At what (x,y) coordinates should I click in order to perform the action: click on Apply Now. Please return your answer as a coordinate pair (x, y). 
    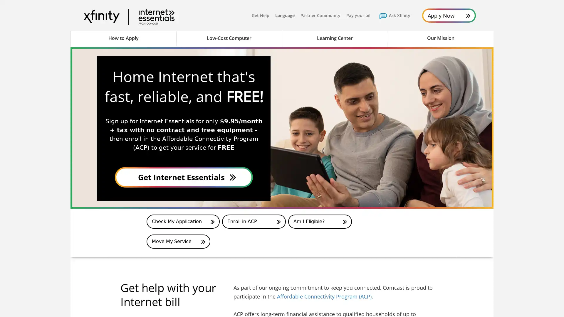
    Looking at the image, I should click on (449, 15).